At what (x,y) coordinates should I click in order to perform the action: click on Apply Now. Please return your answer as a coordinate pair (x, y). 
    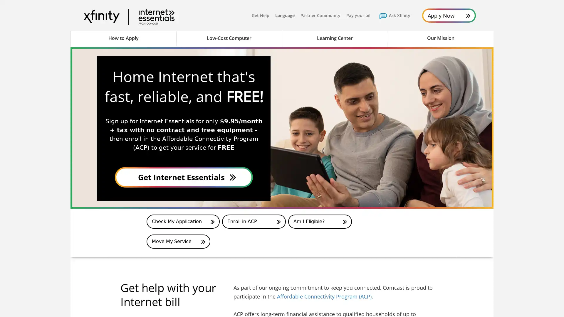
    Looking at the image, I should click on (449, 15).